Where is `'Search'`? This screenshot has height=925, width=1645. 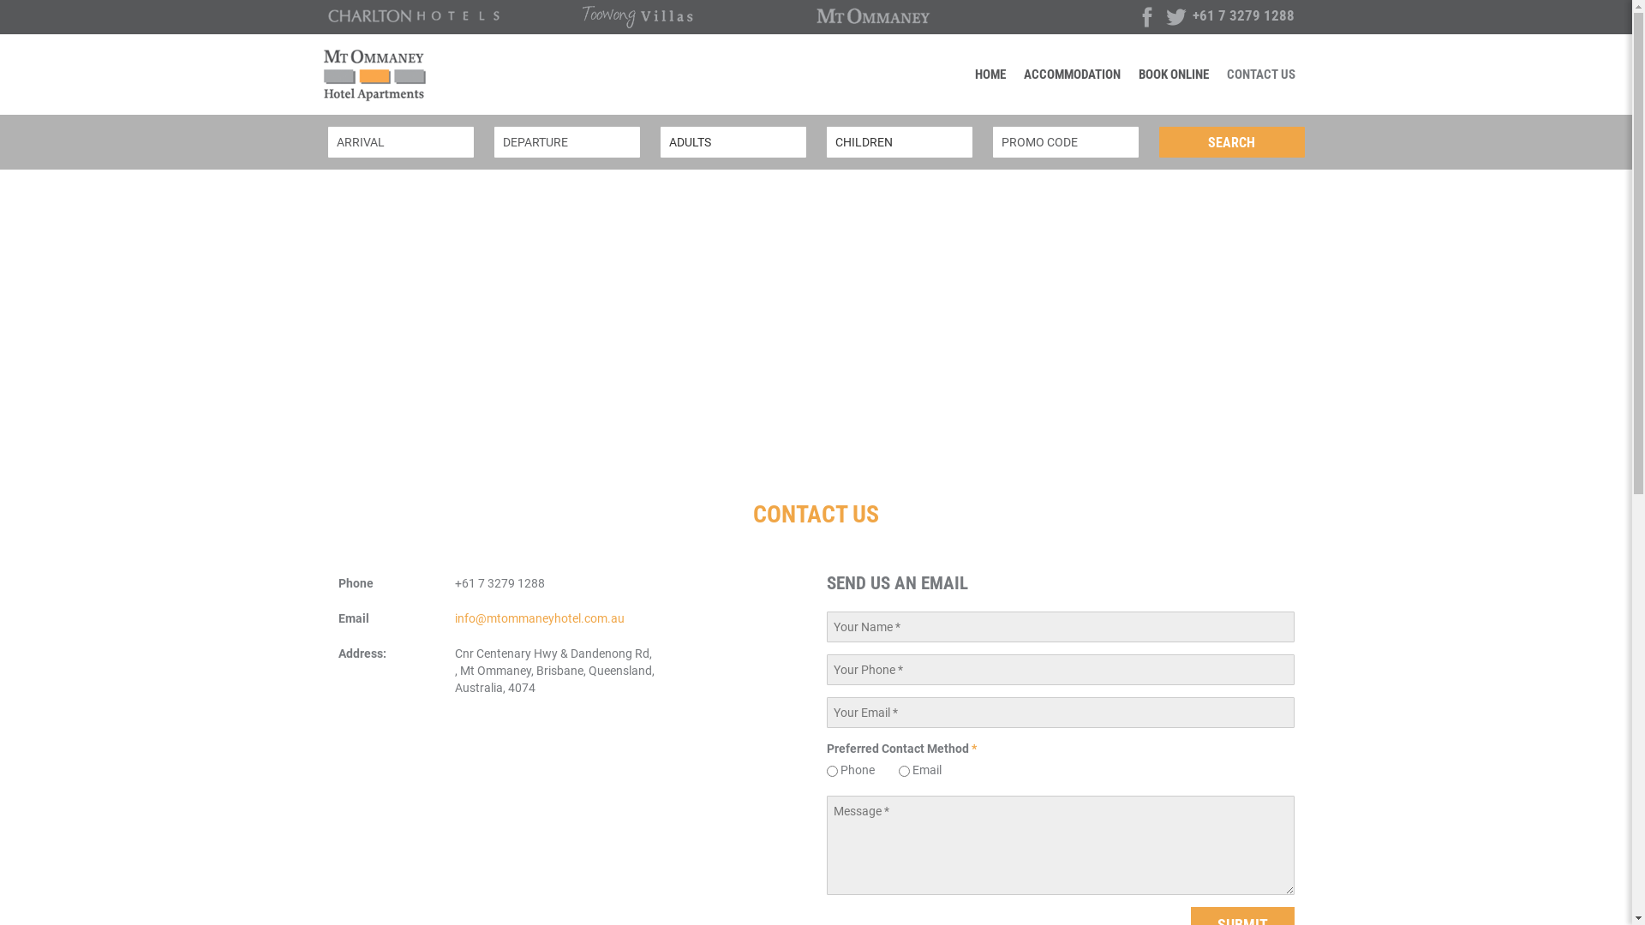
'Search' is located at coordinates (1229, 140).